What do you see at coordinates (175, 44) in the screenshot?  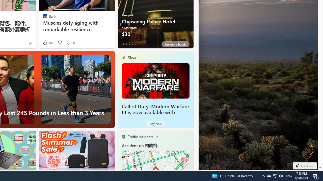 I see `'See more hotels'` at bounding box center [175, 44].